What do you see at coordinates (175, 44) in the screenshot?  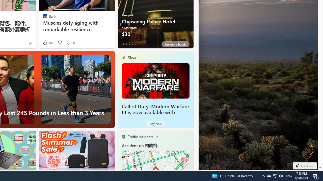 I see `'See more hotels'` at bounding box center [175, 44].